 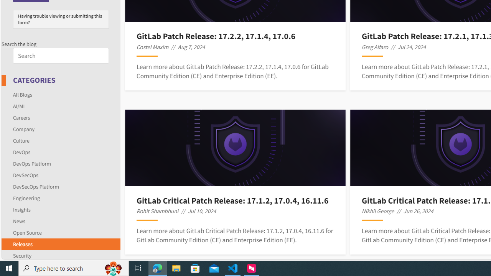 What do you see at coordinates (60, 128) in the screenshot?
I see `'Company'` at bounding box center [60, 128].